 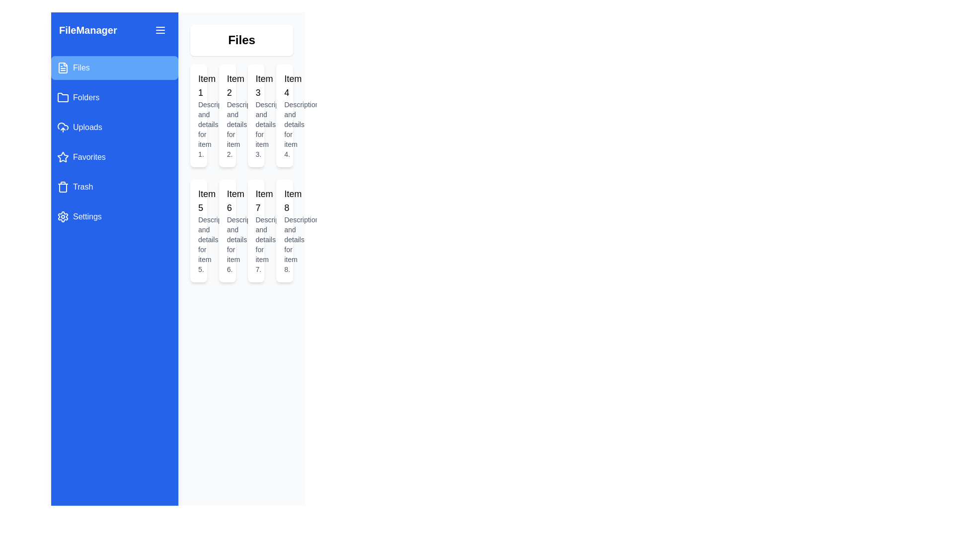 I want to click on the 'Files' icon in the top section of the vertical sidebar to aid navigation, so click(x=62, y=67).